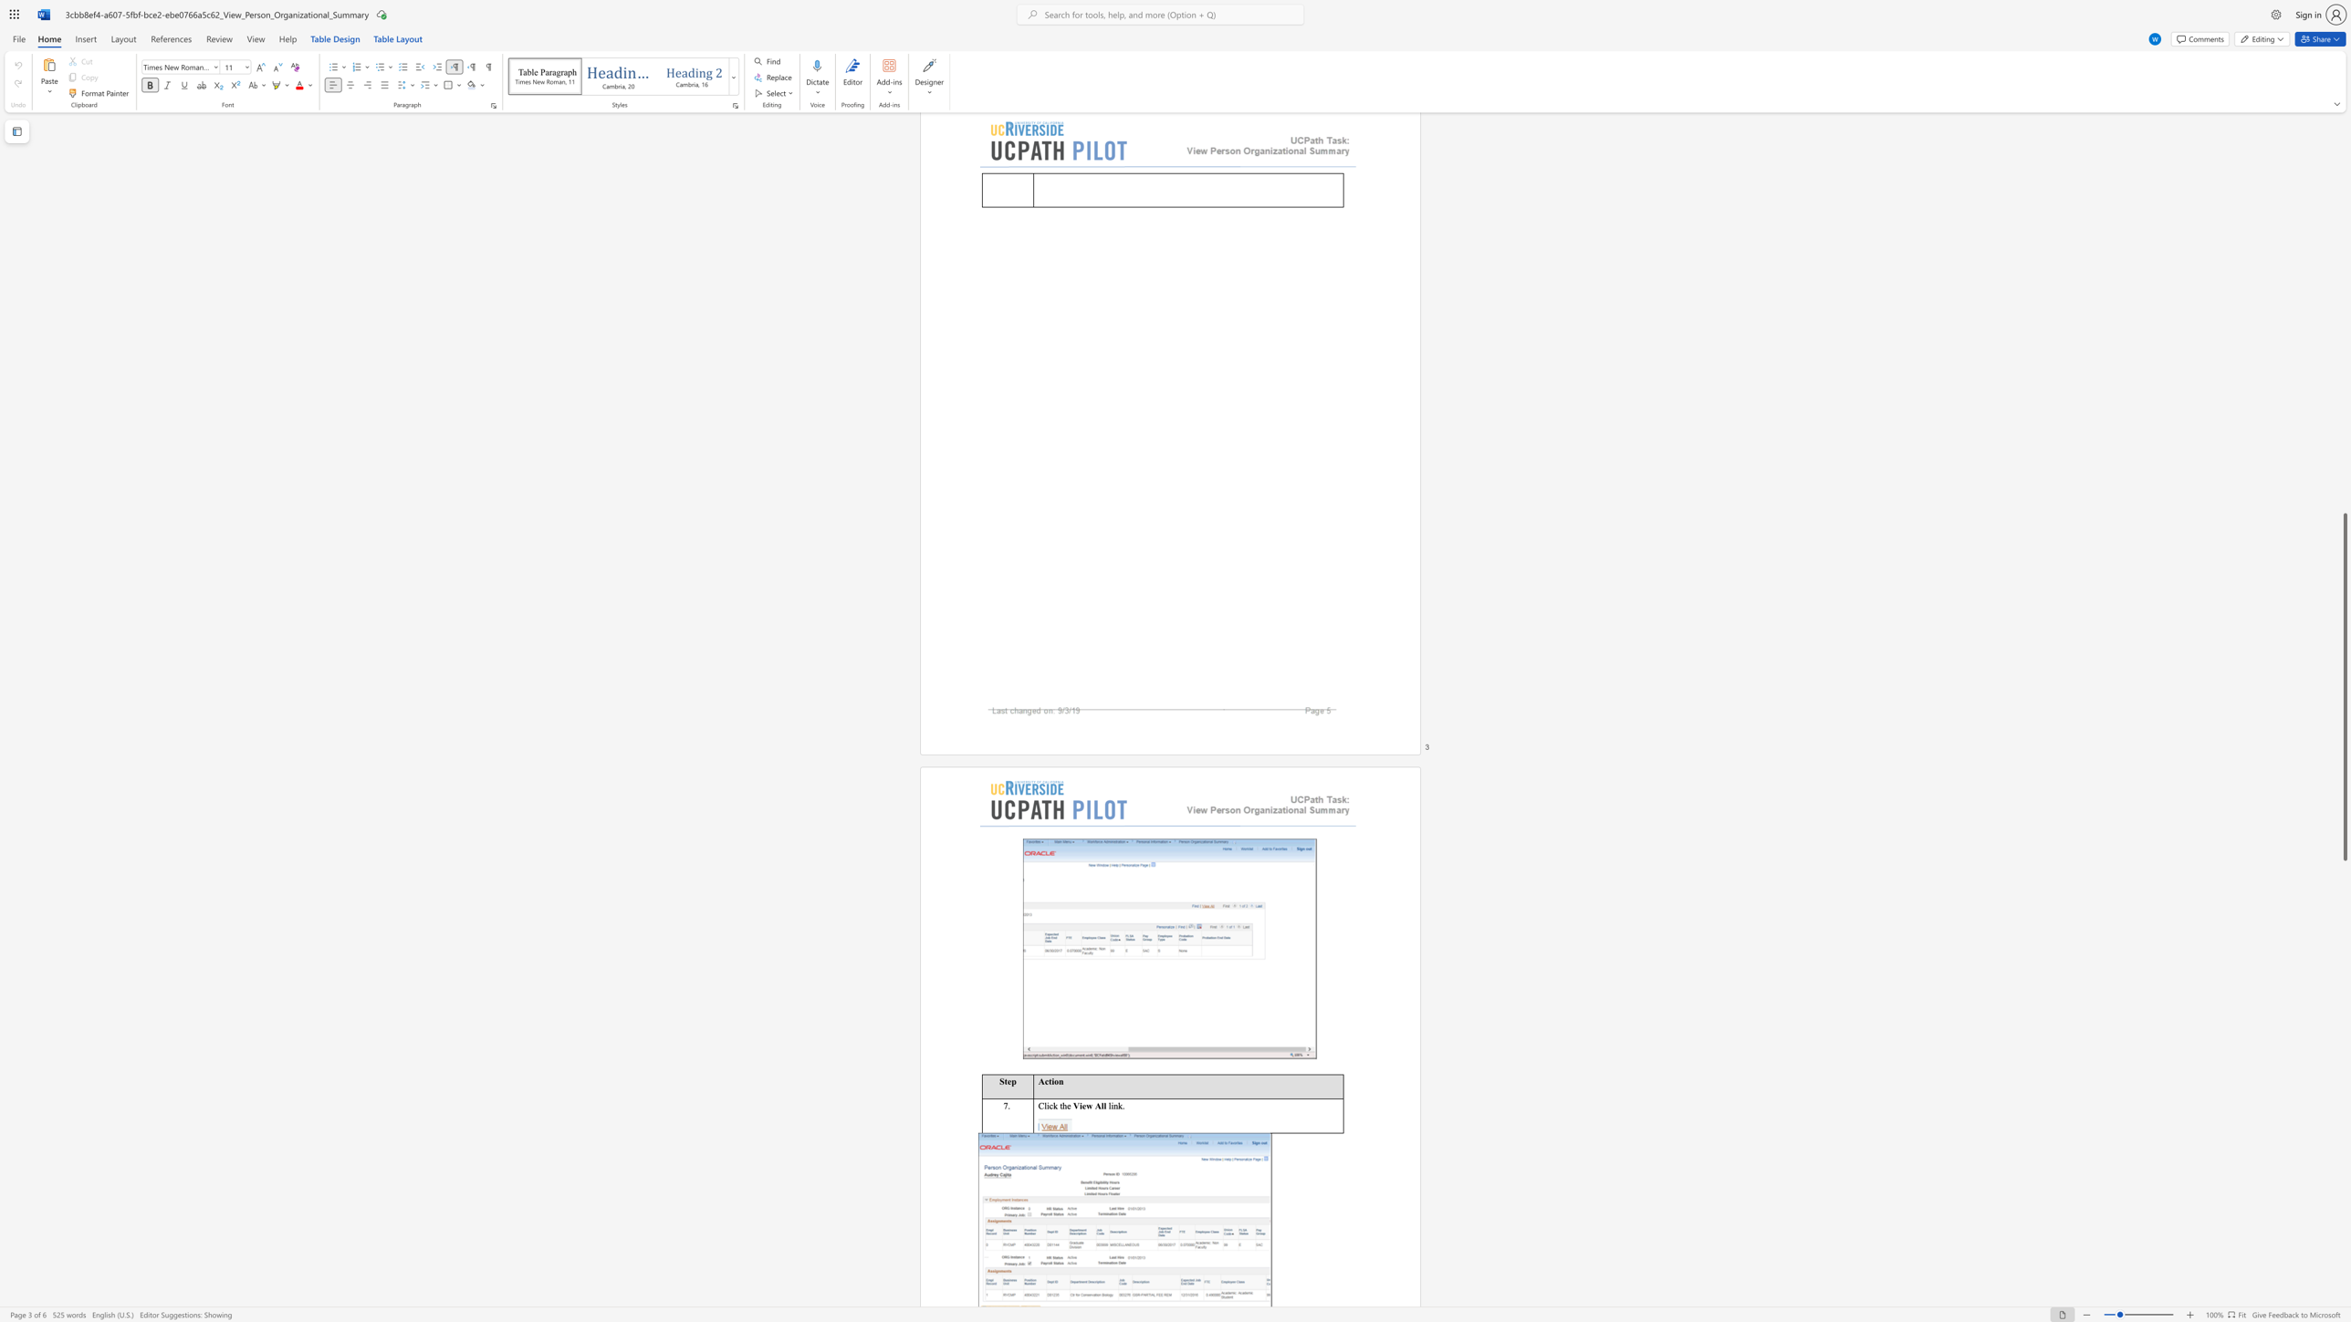 Image resolution: width=2351 pixels, height=1322 pixels. What do you see at coordinates (1052, 1105) in the screenshot?
I see `the space between the continuous character "c" and "k" in the text` at bounding box center [1052, 1105].